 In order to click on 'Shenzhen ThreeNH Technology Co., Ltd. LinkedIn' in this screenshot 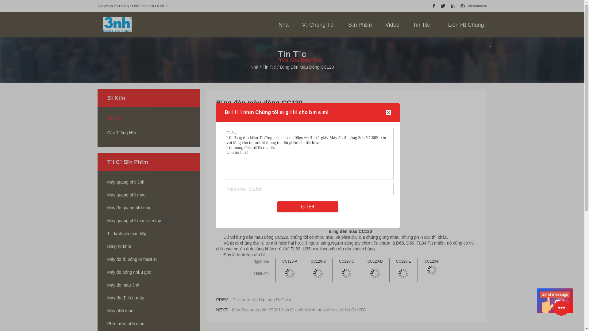, I will do `click(453, 6)`.